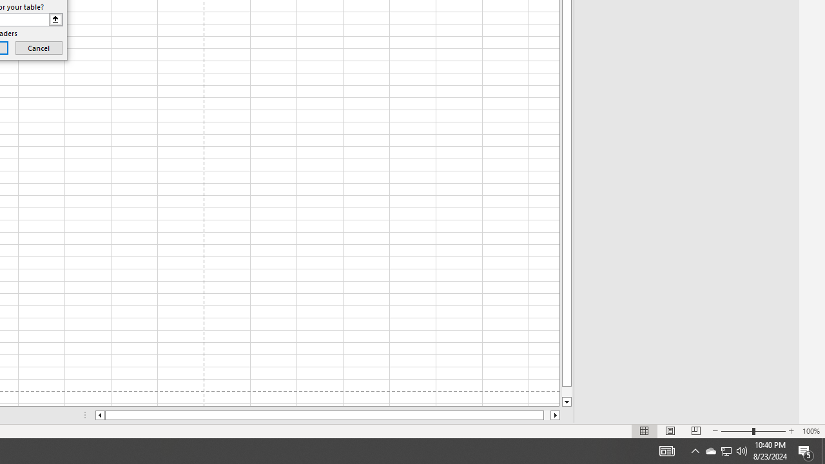 This screenshot has height=464, width=825. What do you see at coordinates (753, 431) in the screenshot?
I see `'Zoom'` at bounding box center [753, 431].